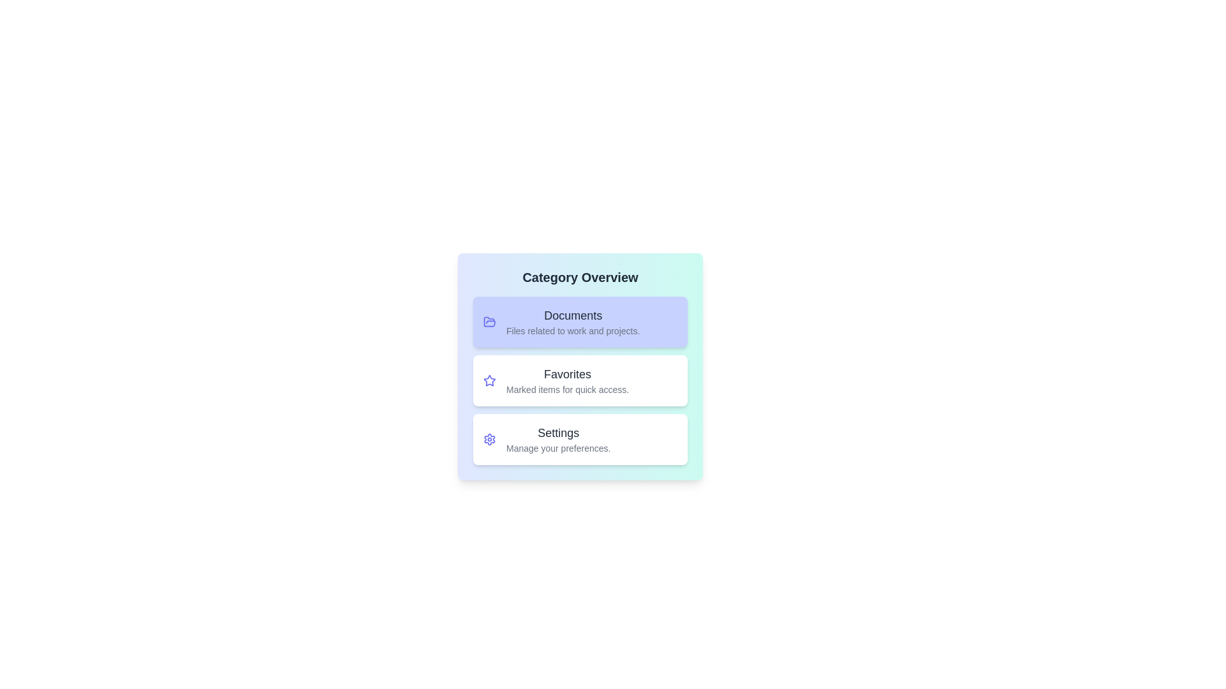 This screenshot has width=1226, height=689. I want to click on the category Documents from the list, so click(579, 322).